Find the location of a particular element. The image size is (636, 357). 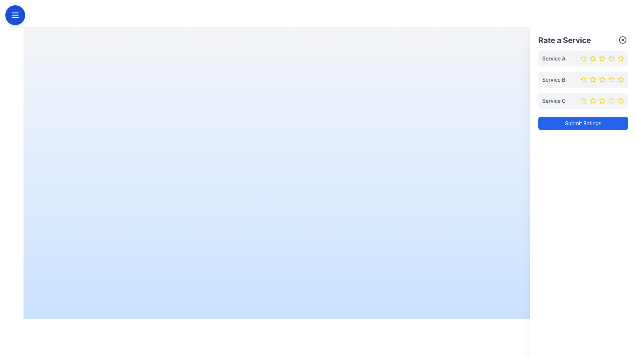

the fifth star-shaped icon with yellow borders and a hollow center is located at coordinates (620, 100).